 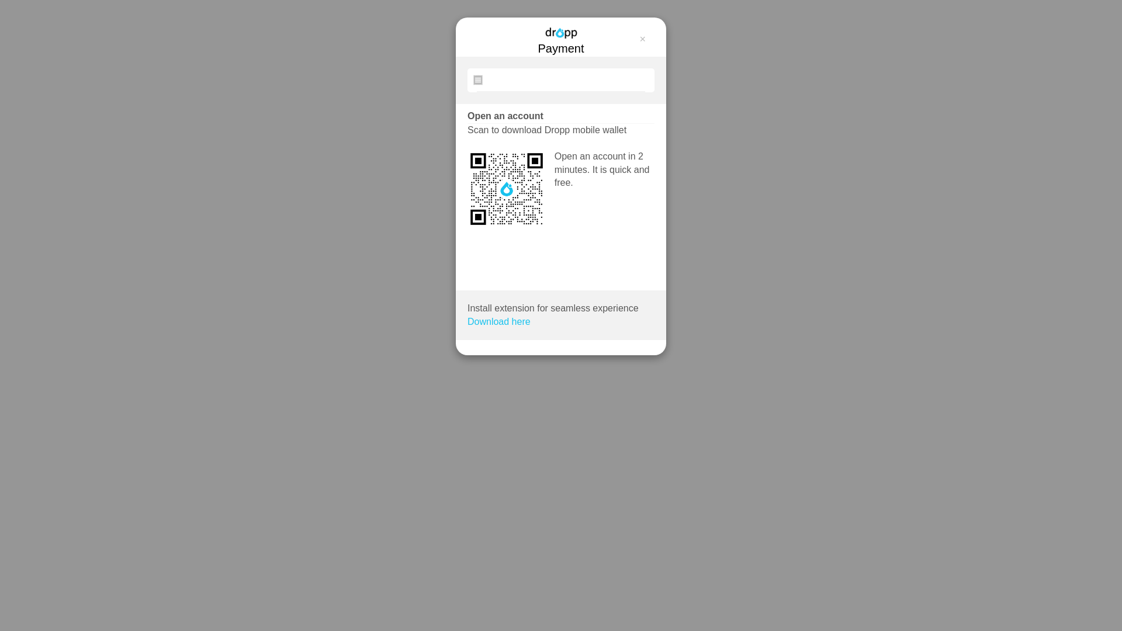 What do you see at coordinates (467, 322) in the screenshot?
I see `'Download here'` at bounding box center [467, 322].